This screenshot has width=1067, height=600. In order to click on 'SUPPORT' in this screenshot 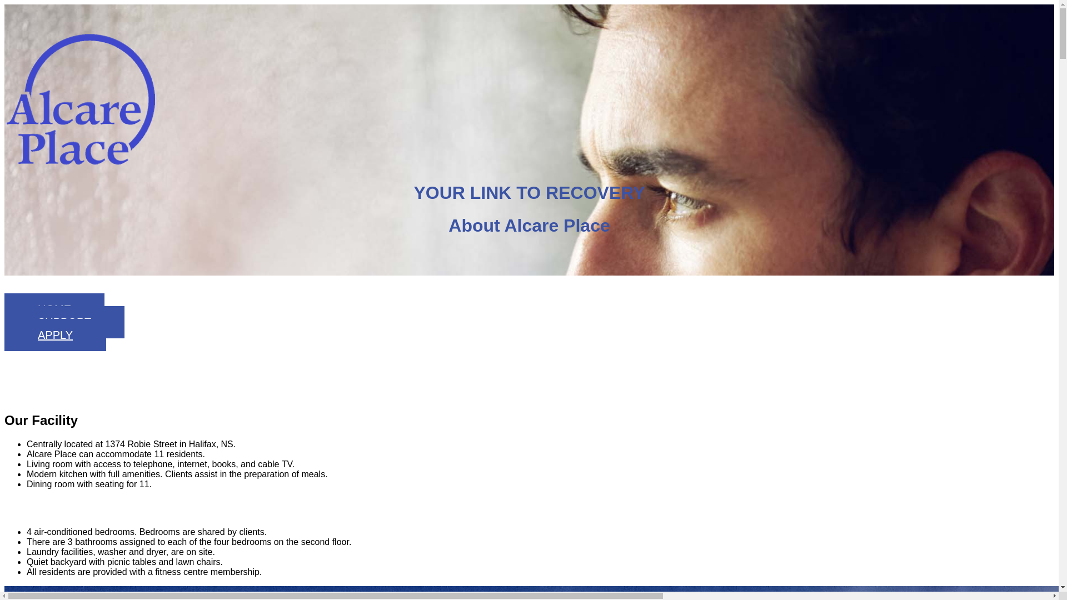, I will do `click(63, 322)`.